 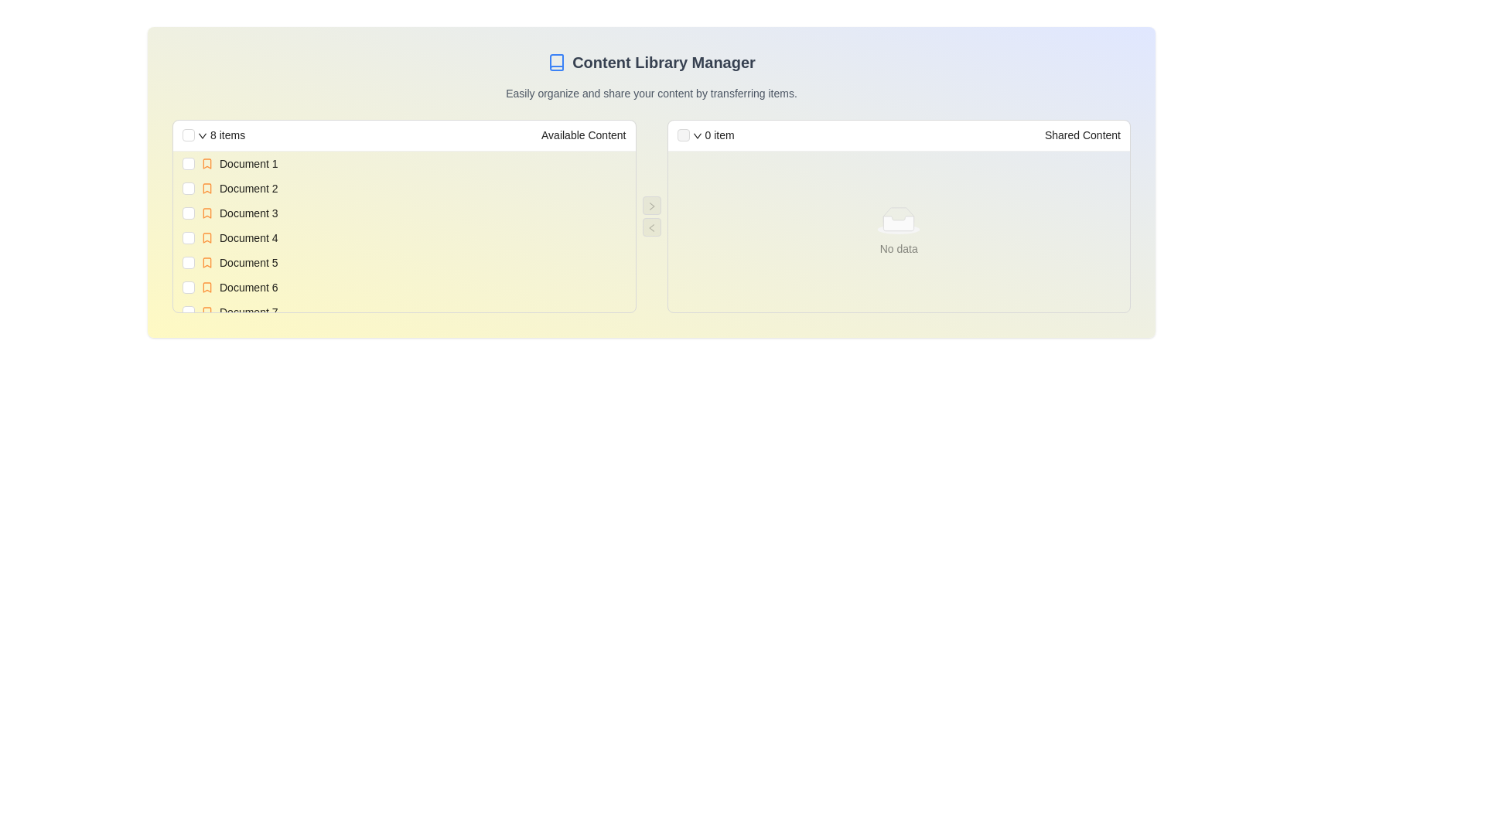 I want to click on the checkbox associated with 'Document 7', so click(x=188, y=312).